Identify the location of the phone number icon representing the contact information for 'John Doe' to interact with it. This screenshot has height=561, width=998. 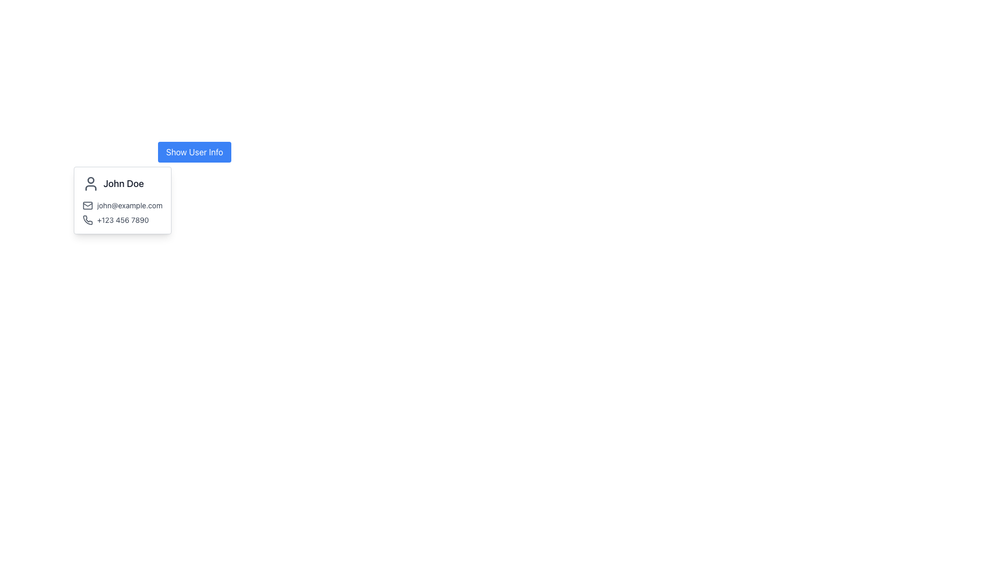
(87, 220).